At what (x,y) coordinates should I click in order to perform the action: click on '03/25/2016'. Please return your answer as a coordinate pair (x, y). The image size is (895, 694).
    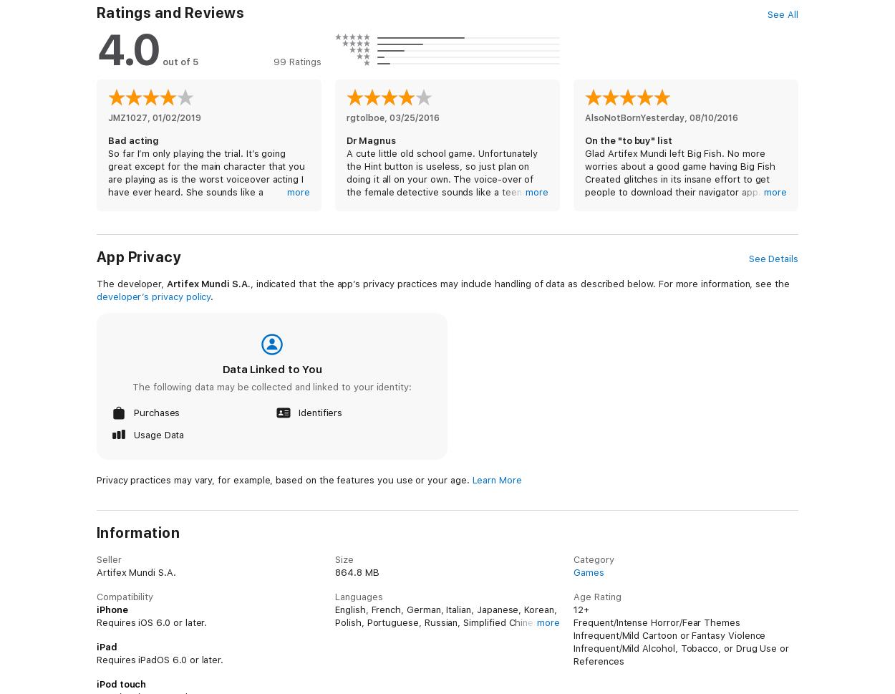
    Looking at the image, I should click on (414, 117).